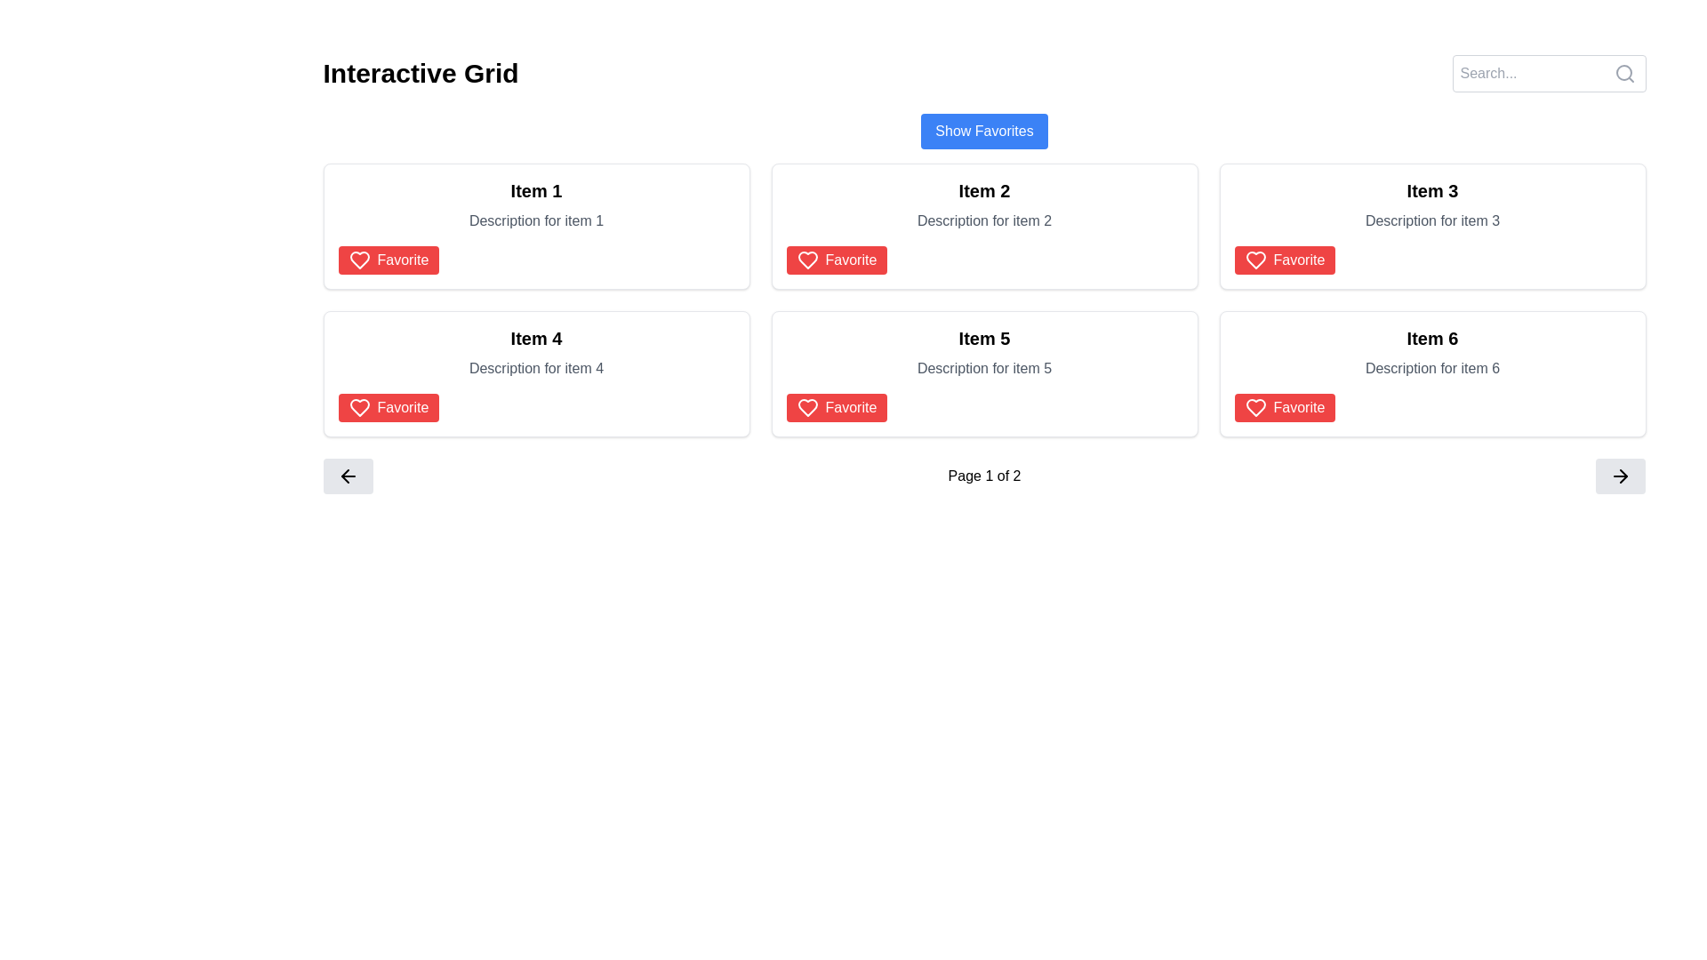  Describe the element at coordinates (1285, 408) in the screenshot. I see `the 'Favorite' button, which is a vibrant red rectangular button with a heart icon and white text, located in the lower section of card 'Item 6'` at that location.